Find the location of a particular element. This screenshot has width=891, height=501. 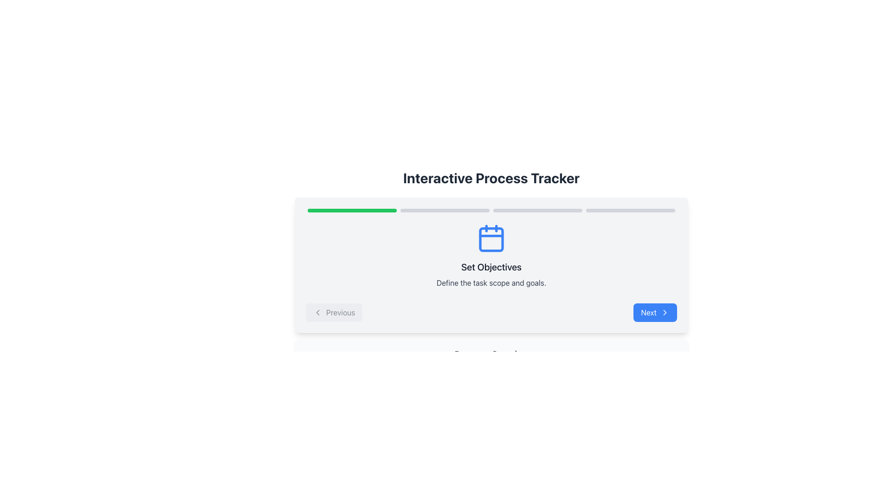

the Calendar Body icon component, which is a rectangular element with rounded corners, centrally located underneath the hooks of the calendar icon is located at coordinates (491, 239).